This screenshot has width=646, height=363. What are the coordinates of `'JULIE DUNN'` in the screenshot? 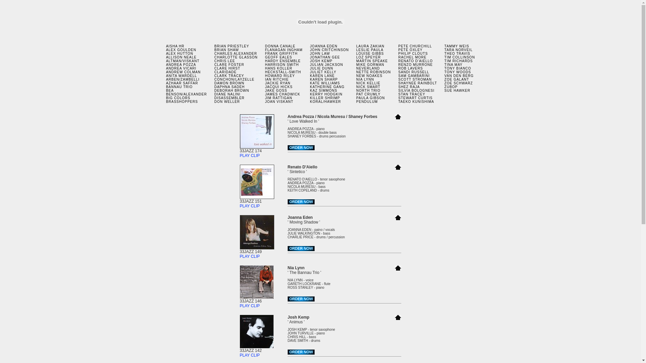 It's located at (310, 68).